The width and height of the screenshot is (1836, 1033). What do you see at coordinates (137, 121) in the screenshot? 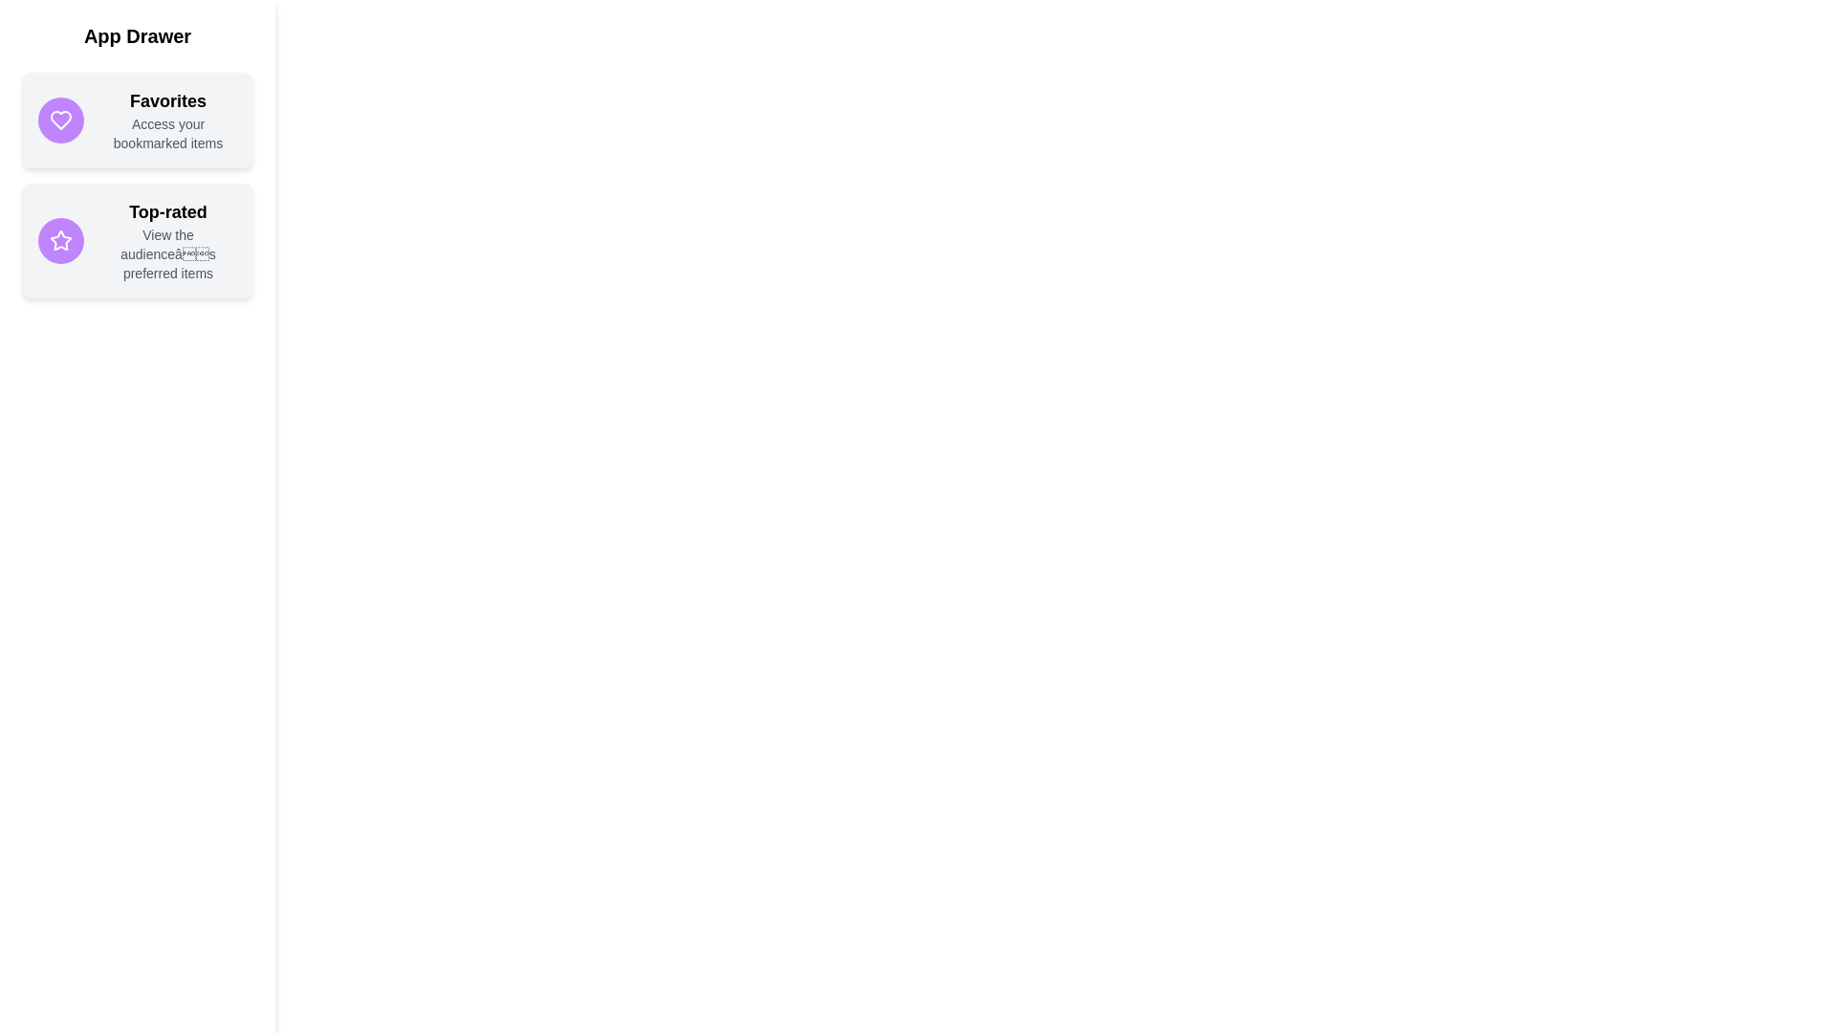
I see `the 'Favorites' item in the drawer` at bounding box center [137, 121].